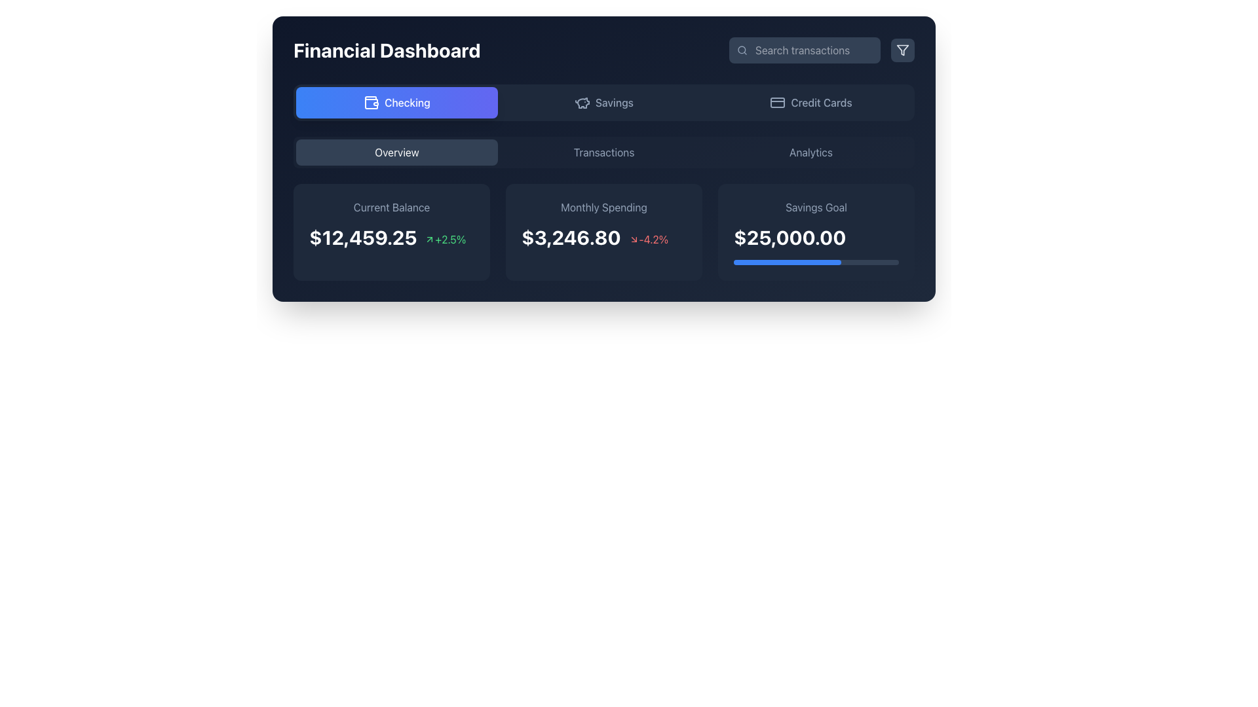 This screenshot has width=1258, height=707. What do you see at coordinates (391, 237) in the screenshot?
I see `the 'Current Balance' card to analyze the percentage change displayed within the composite of text elements and the icon` at bounding box center [391, 237].